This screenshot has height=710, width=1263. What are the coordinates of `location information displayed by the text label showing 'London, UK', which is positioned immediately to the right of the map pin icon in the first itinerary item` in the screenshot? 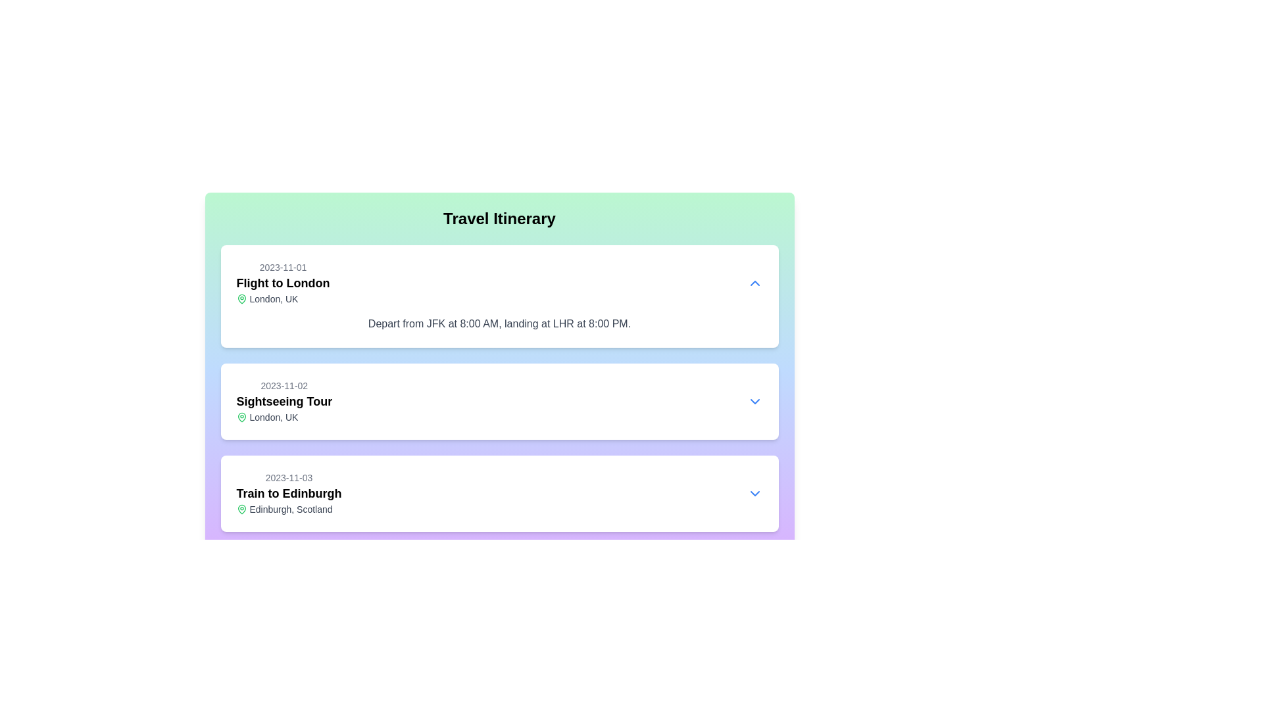 It's located at (273, 299).